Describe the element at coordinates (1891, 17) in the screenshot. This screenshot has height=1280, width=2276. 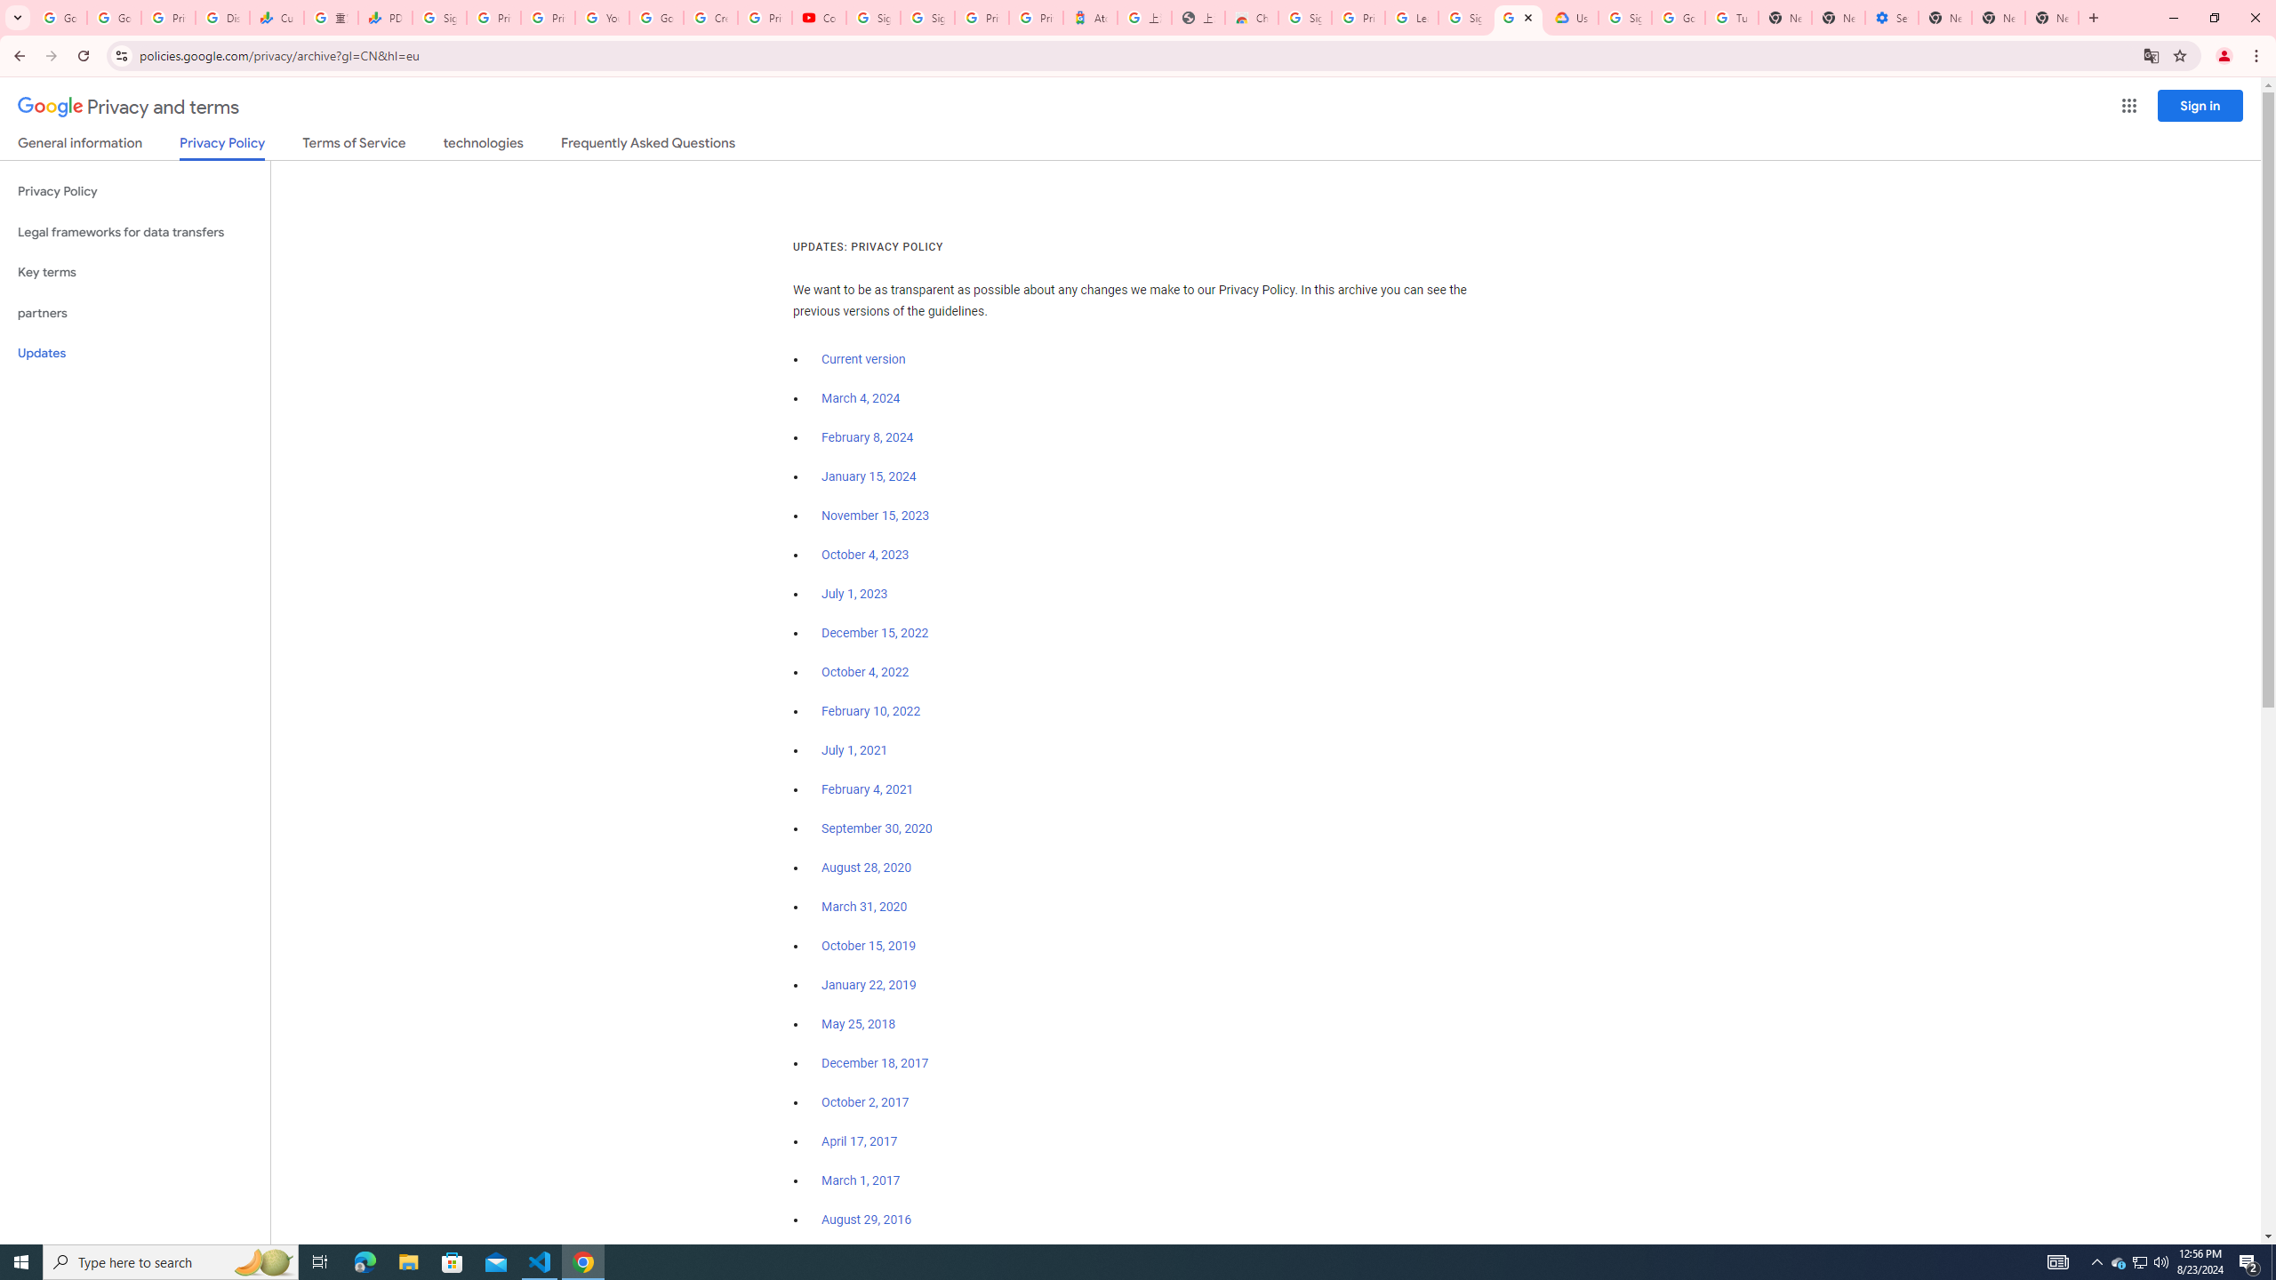
I see `'Settings - Addresses and more'` at that location.